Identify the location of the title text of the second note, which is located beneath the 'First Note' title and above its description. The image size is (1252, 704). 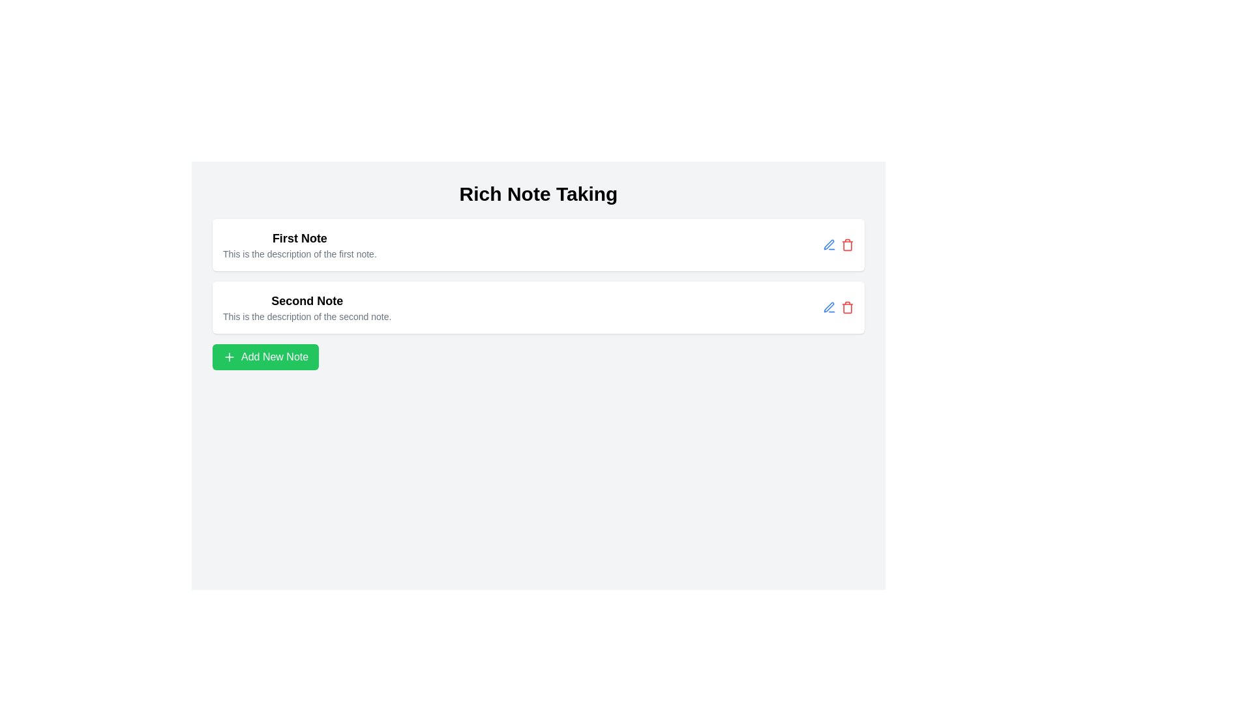
(306, 301).